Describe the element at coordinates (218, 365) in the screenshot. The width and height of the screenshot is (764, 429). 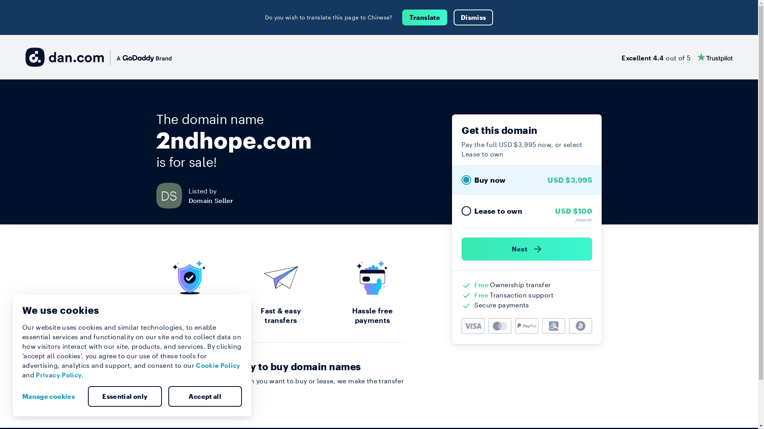
I see `'Cookie Policy'` at that location.